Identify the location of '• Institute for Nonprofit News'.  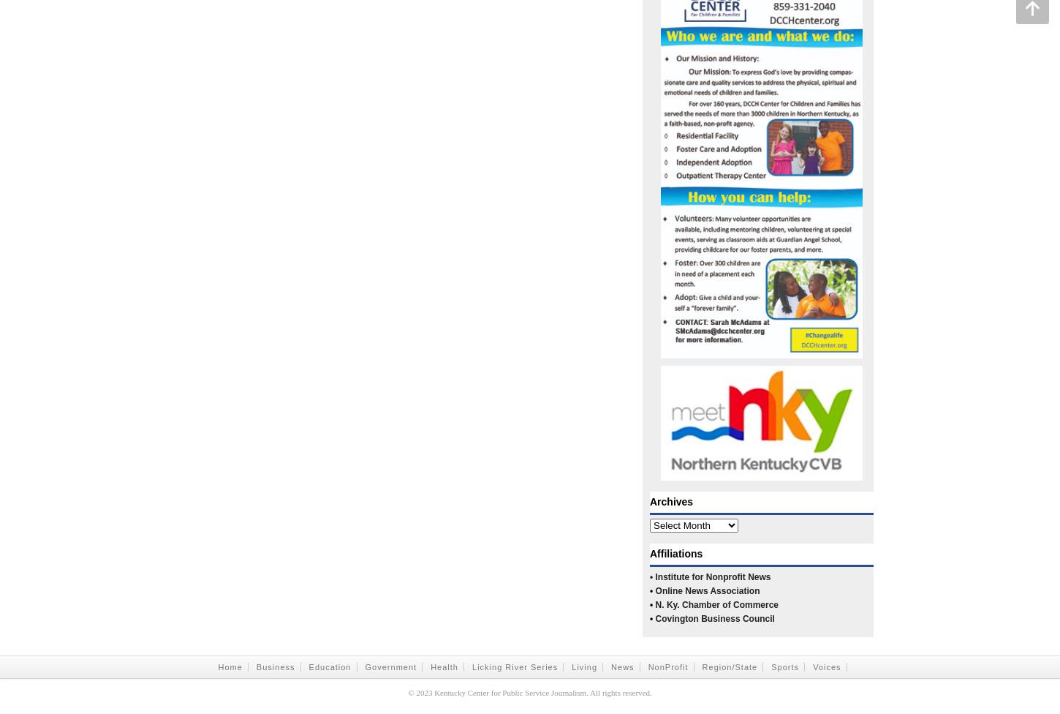
(710, 576).